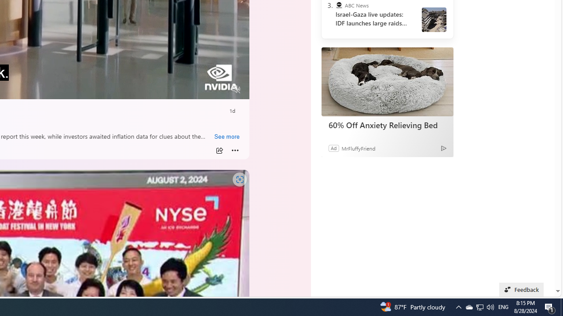 The height and width of the screenshot is (316, 563). I want to click on 'ABC News', so click(338, 5).